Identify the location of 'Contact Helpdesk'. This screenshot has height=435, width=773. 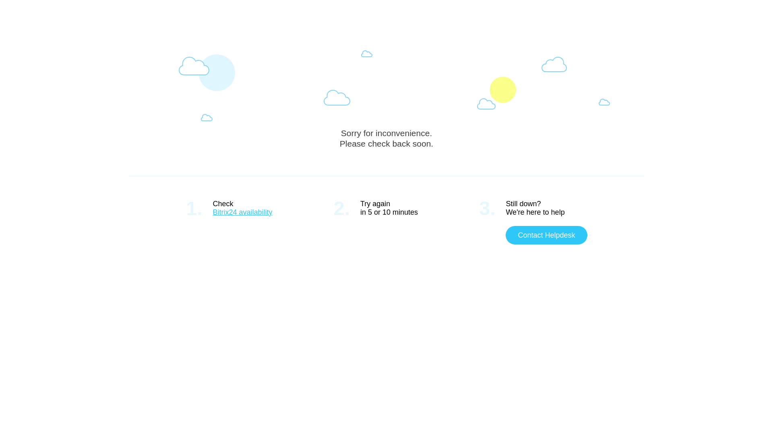
(546, 235).